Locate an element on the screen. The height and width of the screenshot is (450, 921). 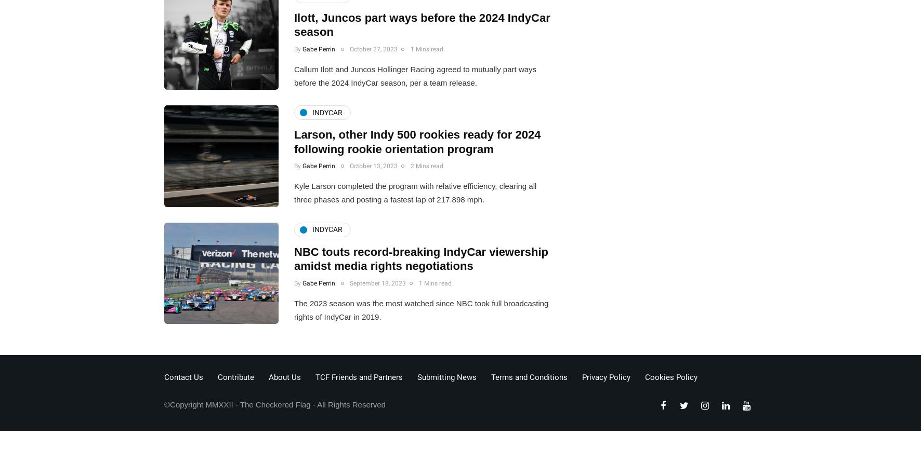
'Cookies Policy' is located at coordinates (671, 376).